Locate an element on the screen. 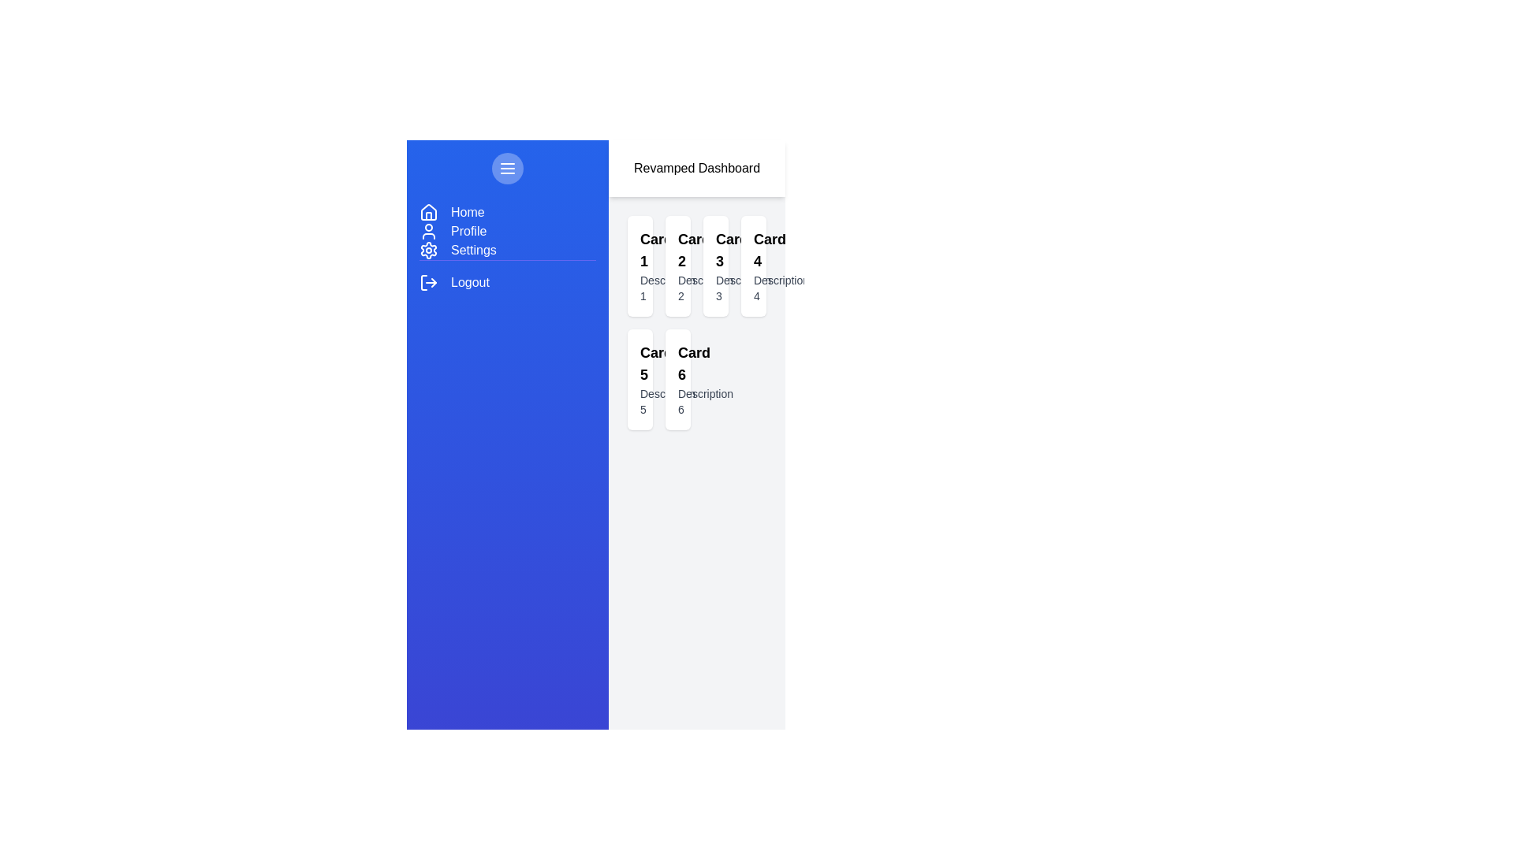 This screenshot has height=851, width=1514. the navigational menu item for the user's profile section is located at coordinates (507, 231).